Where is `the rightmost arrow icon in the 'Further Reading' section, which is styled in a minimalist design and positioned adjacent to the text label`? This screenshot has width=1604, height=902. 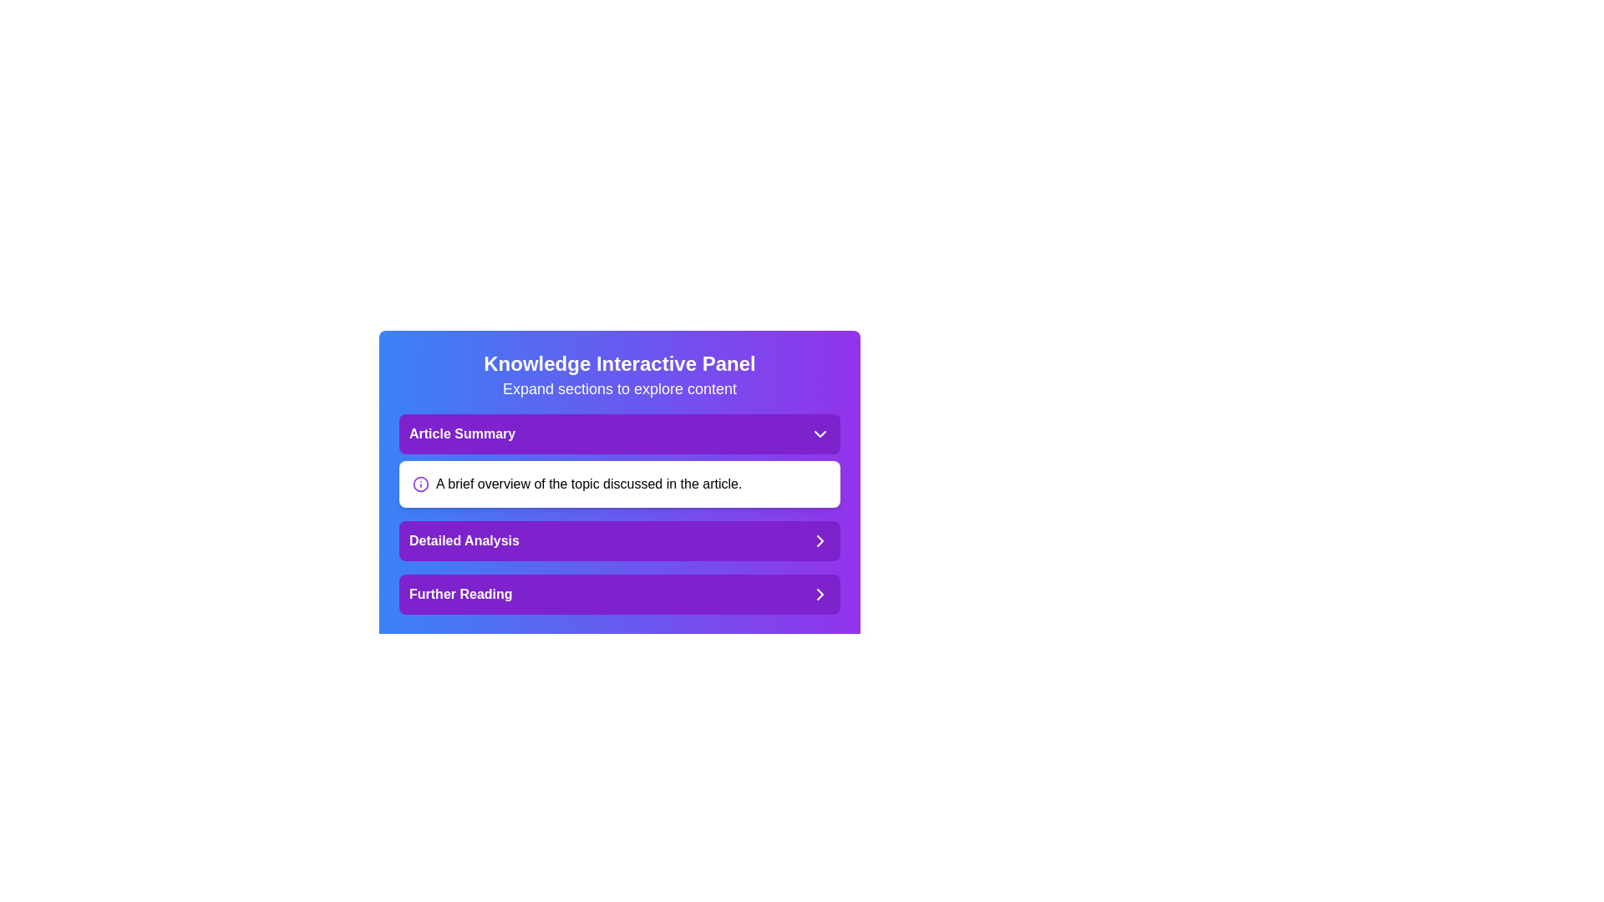 the rightmost arrow icon in the 'Further Reading' section, which is styled in a minimalist design and positioned adjacent to the text label is located at coordinates (820, 594).